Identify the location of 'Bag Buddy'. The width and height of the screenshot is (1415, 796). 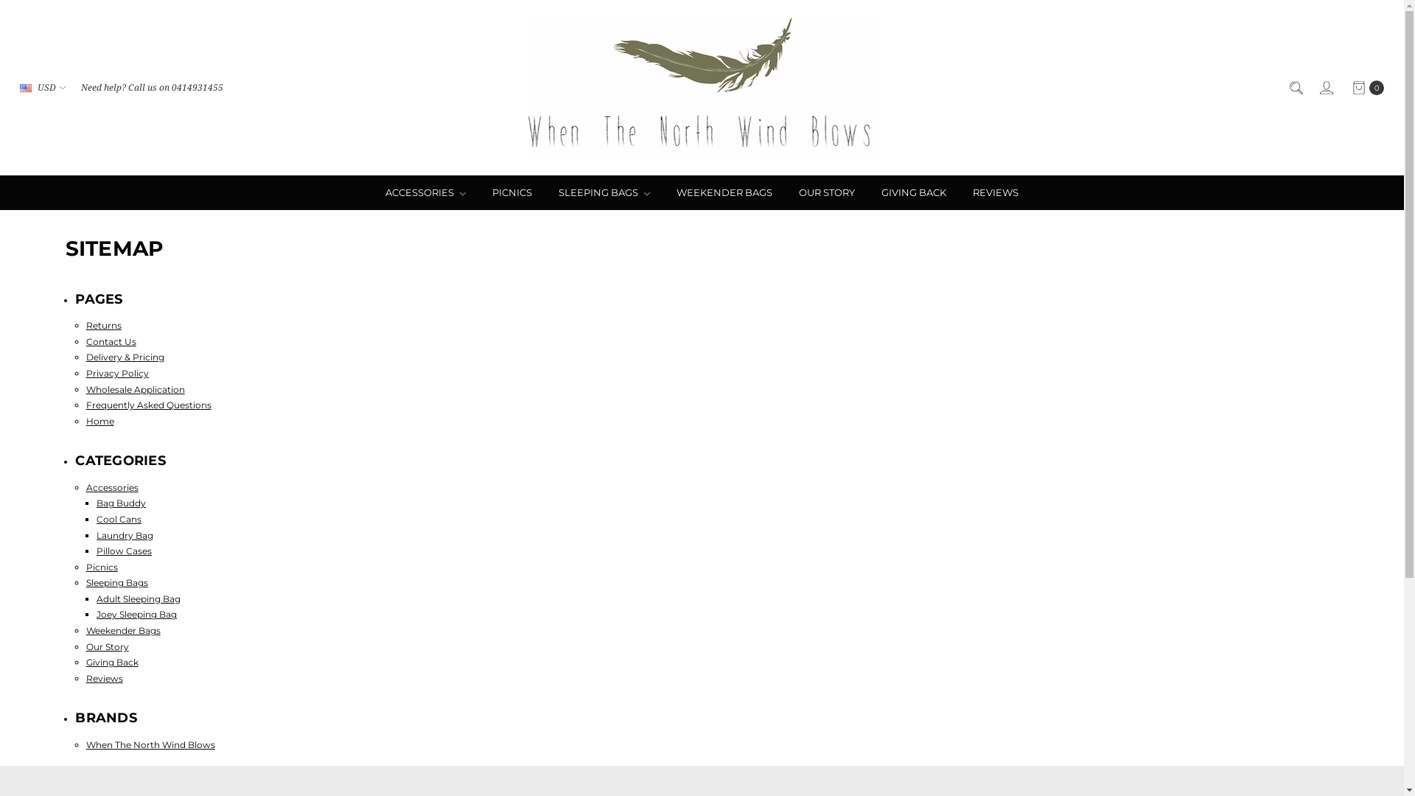
(121, 502).